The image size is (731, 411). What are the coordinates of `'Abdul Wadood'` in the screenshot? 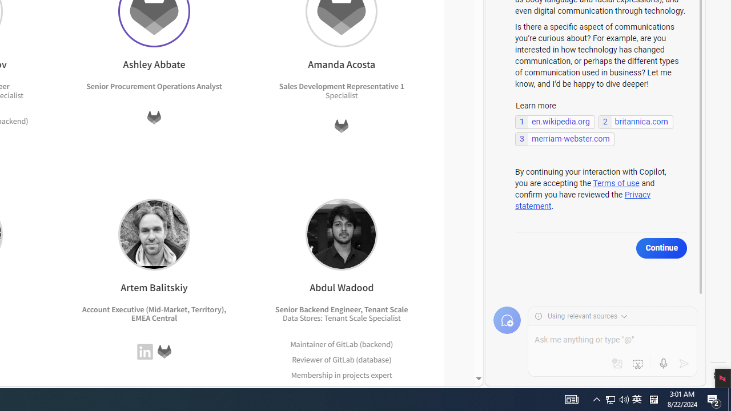 It's located at (341, 233).